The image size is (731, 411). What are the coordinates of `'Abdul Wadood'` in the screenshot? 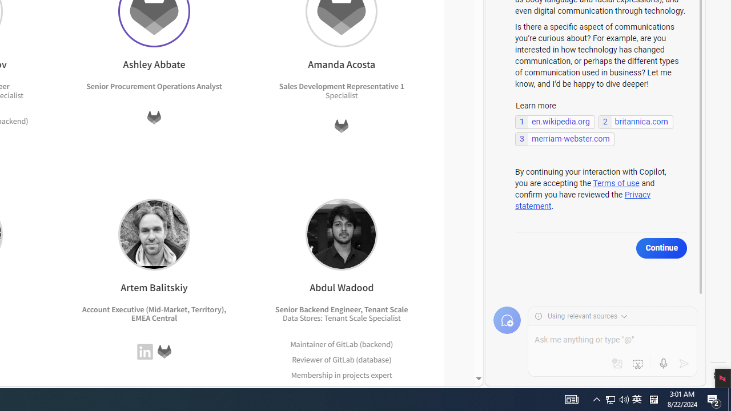 It's located at (341, 233).